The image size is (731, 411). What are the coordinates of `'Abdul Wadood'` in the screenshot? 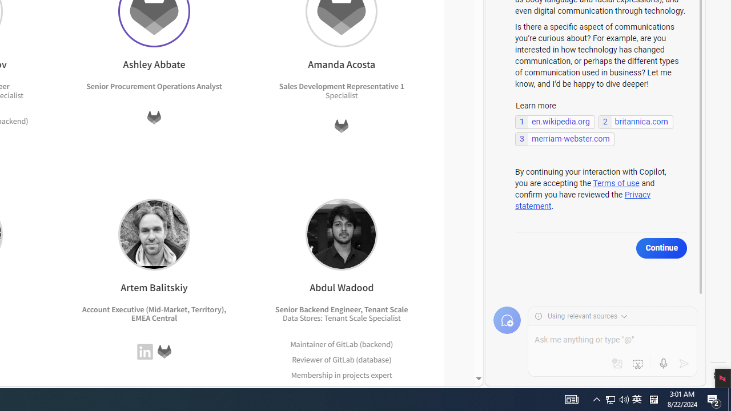 It's located at (341, 233).